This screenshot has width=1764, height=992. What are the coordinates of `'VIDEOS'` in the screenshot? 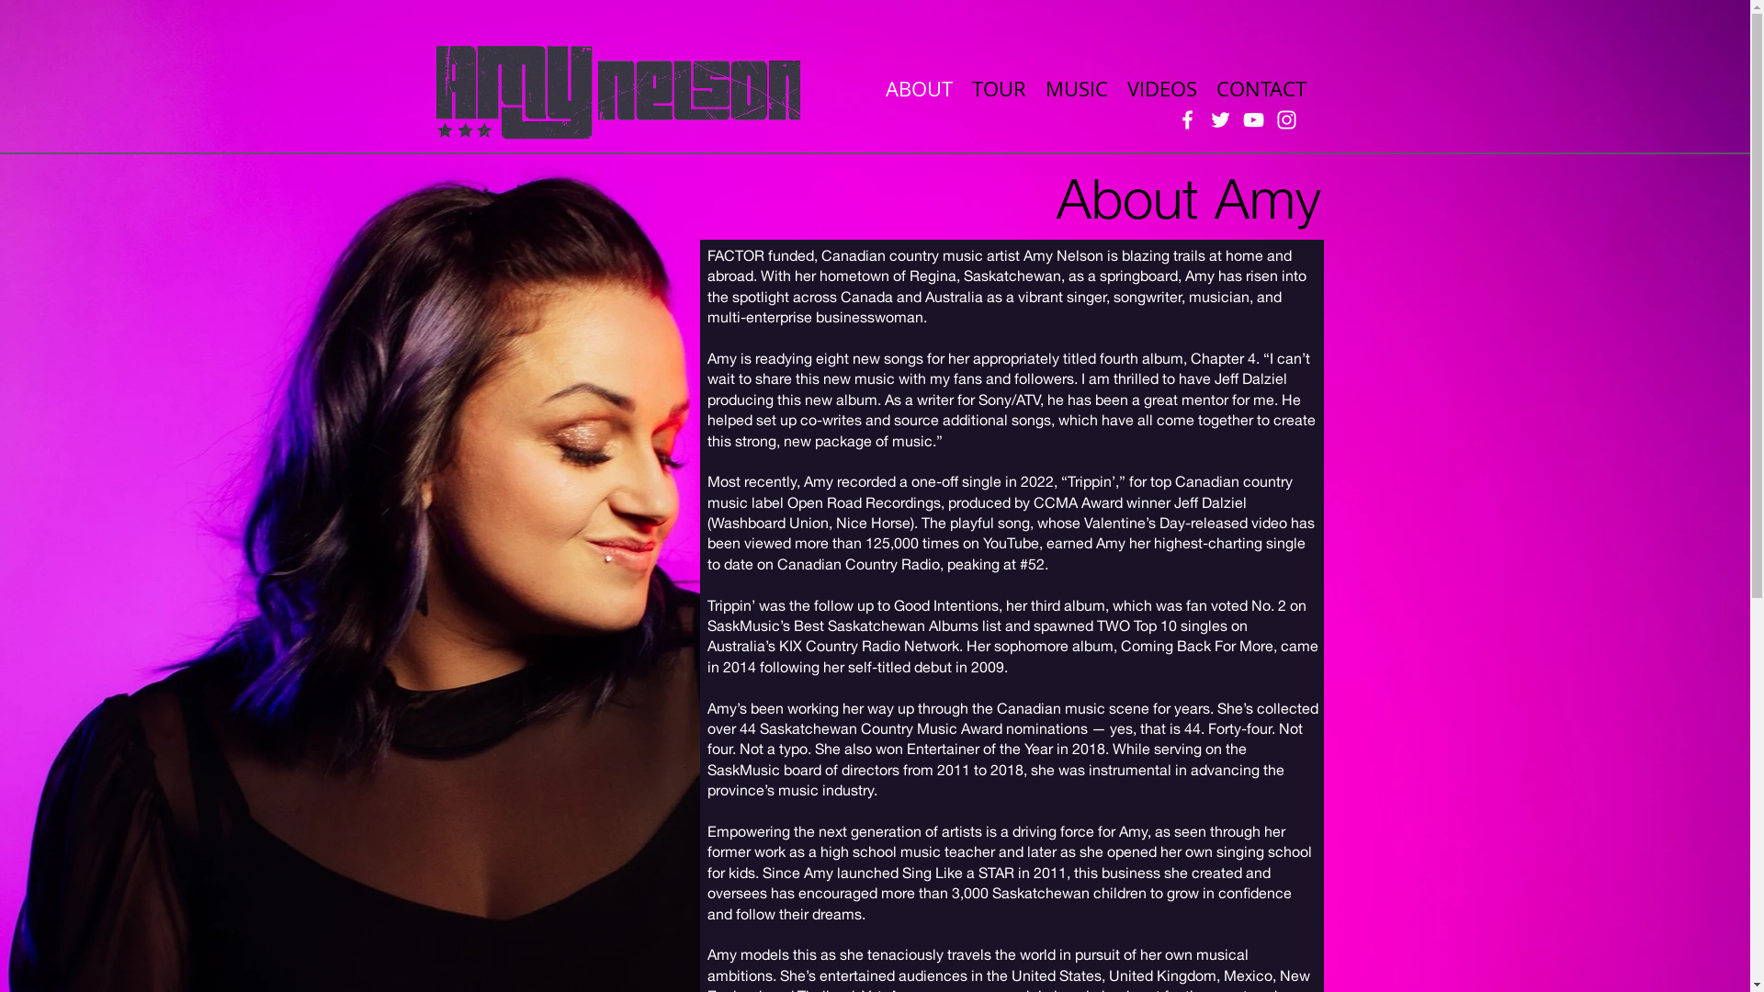 It's located at (1159, 87).